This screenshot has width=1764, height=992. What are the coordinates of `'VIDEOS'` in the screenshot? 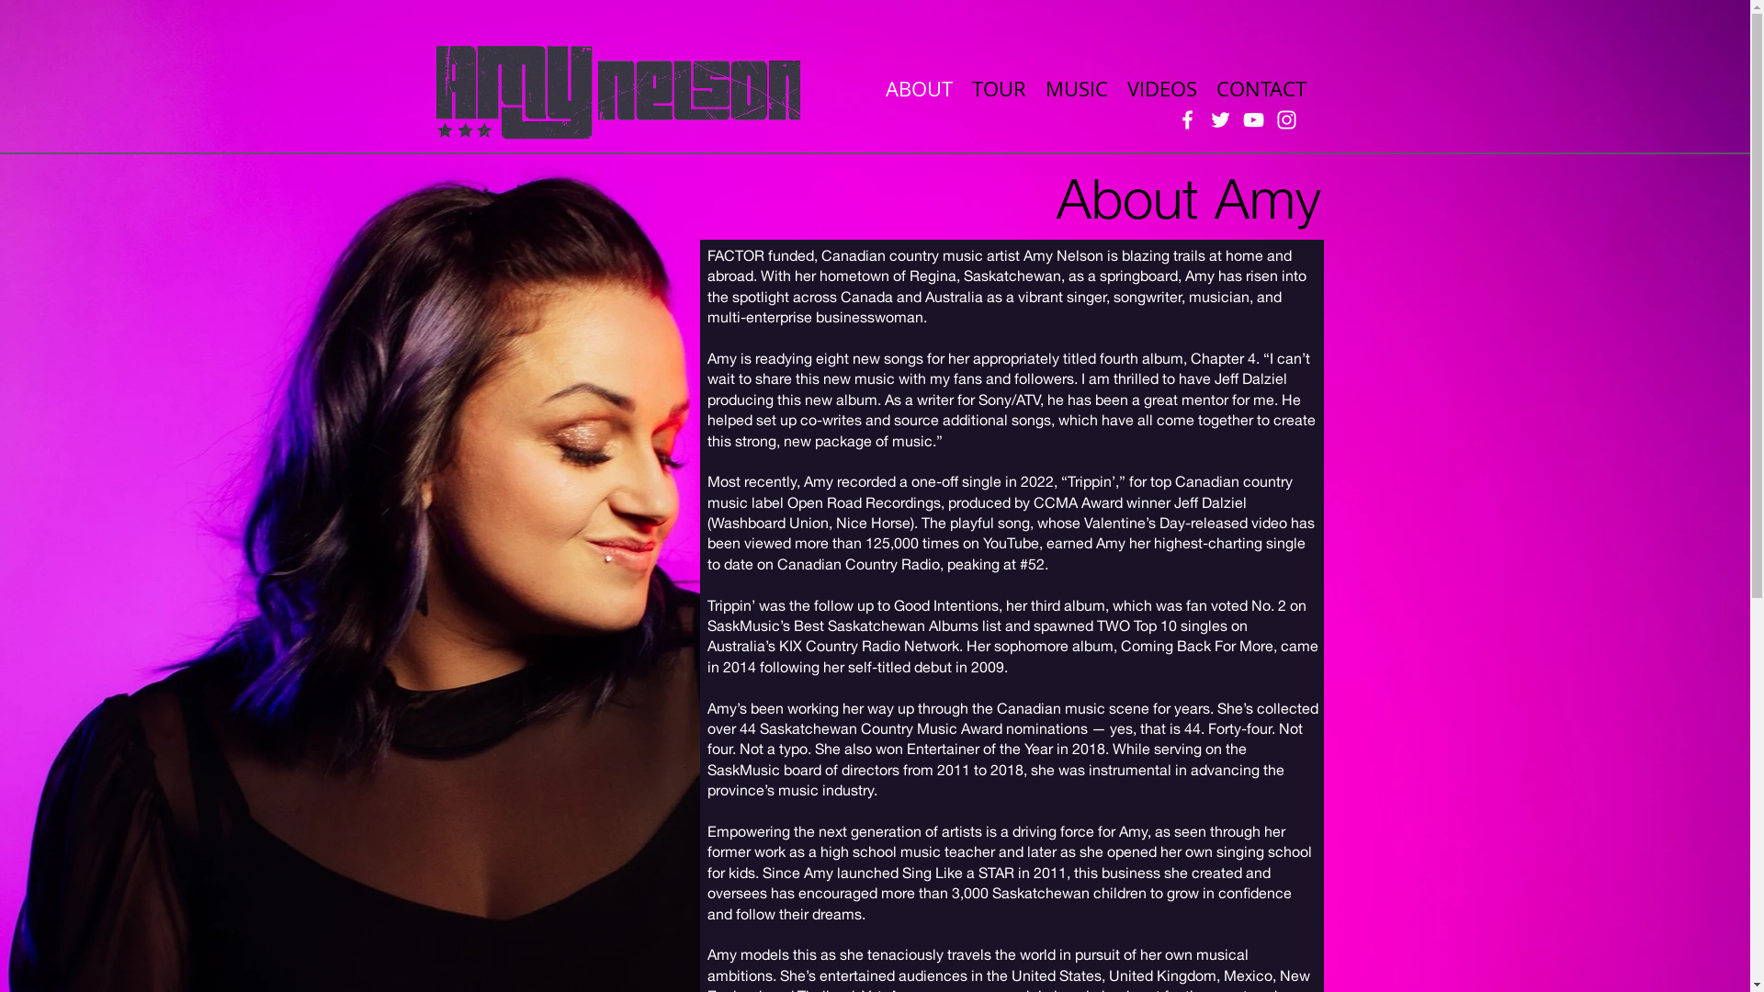 It's located at (1159, 87).